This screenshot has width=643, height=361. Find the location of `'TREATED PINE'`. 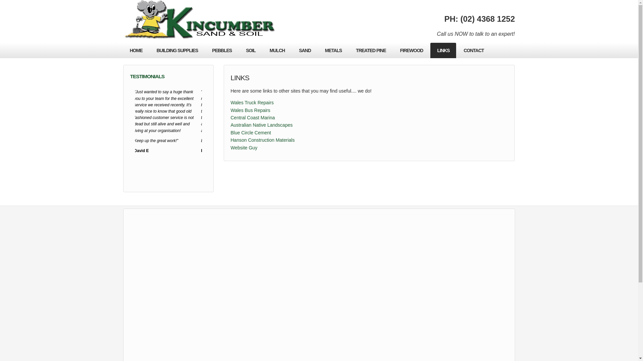

'TREATED PINE' is located at coordinates (349, 50).